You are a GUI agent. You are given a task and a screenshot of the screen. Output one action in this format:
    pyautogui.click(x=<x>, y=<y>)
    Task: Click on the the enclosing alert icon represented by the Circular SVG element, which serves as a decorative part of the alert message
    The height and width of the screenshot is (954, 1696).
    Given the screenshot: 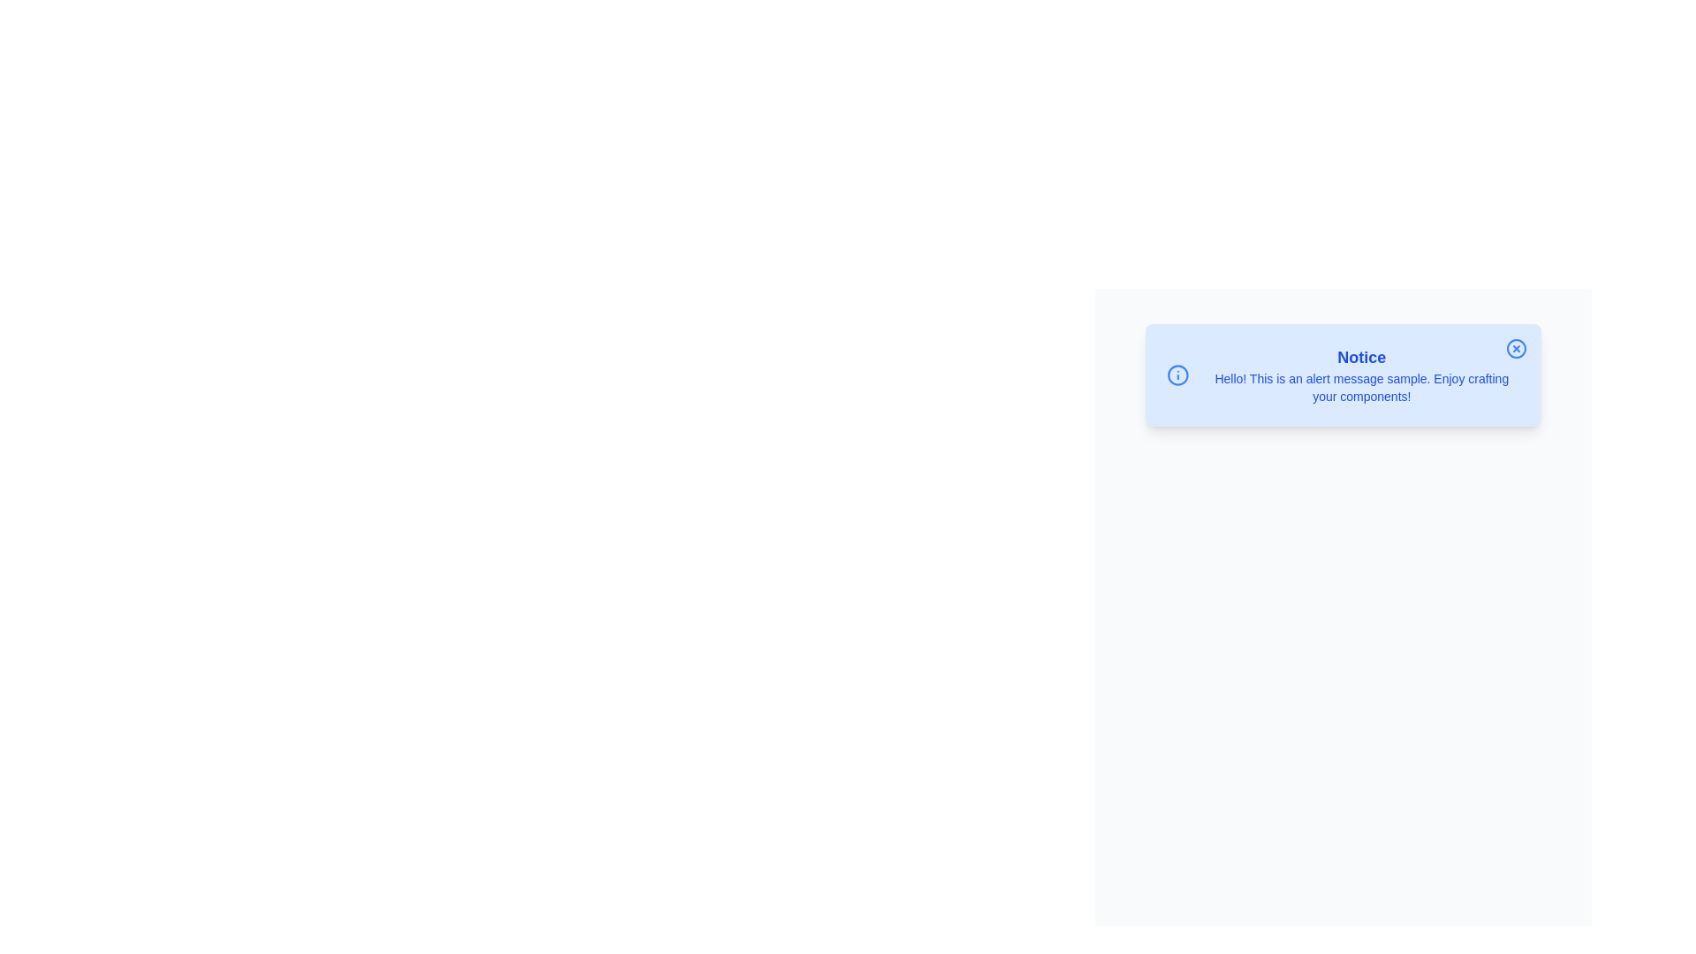 What is the action you would take?
    pyautogui.click(x=1177, y=374)
    